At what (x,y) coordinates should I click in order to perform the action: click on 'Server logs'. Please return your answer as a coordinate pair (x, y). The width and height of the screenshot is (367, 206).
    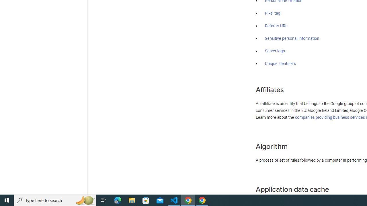
    Looking at the image, I should click on (275, 51).